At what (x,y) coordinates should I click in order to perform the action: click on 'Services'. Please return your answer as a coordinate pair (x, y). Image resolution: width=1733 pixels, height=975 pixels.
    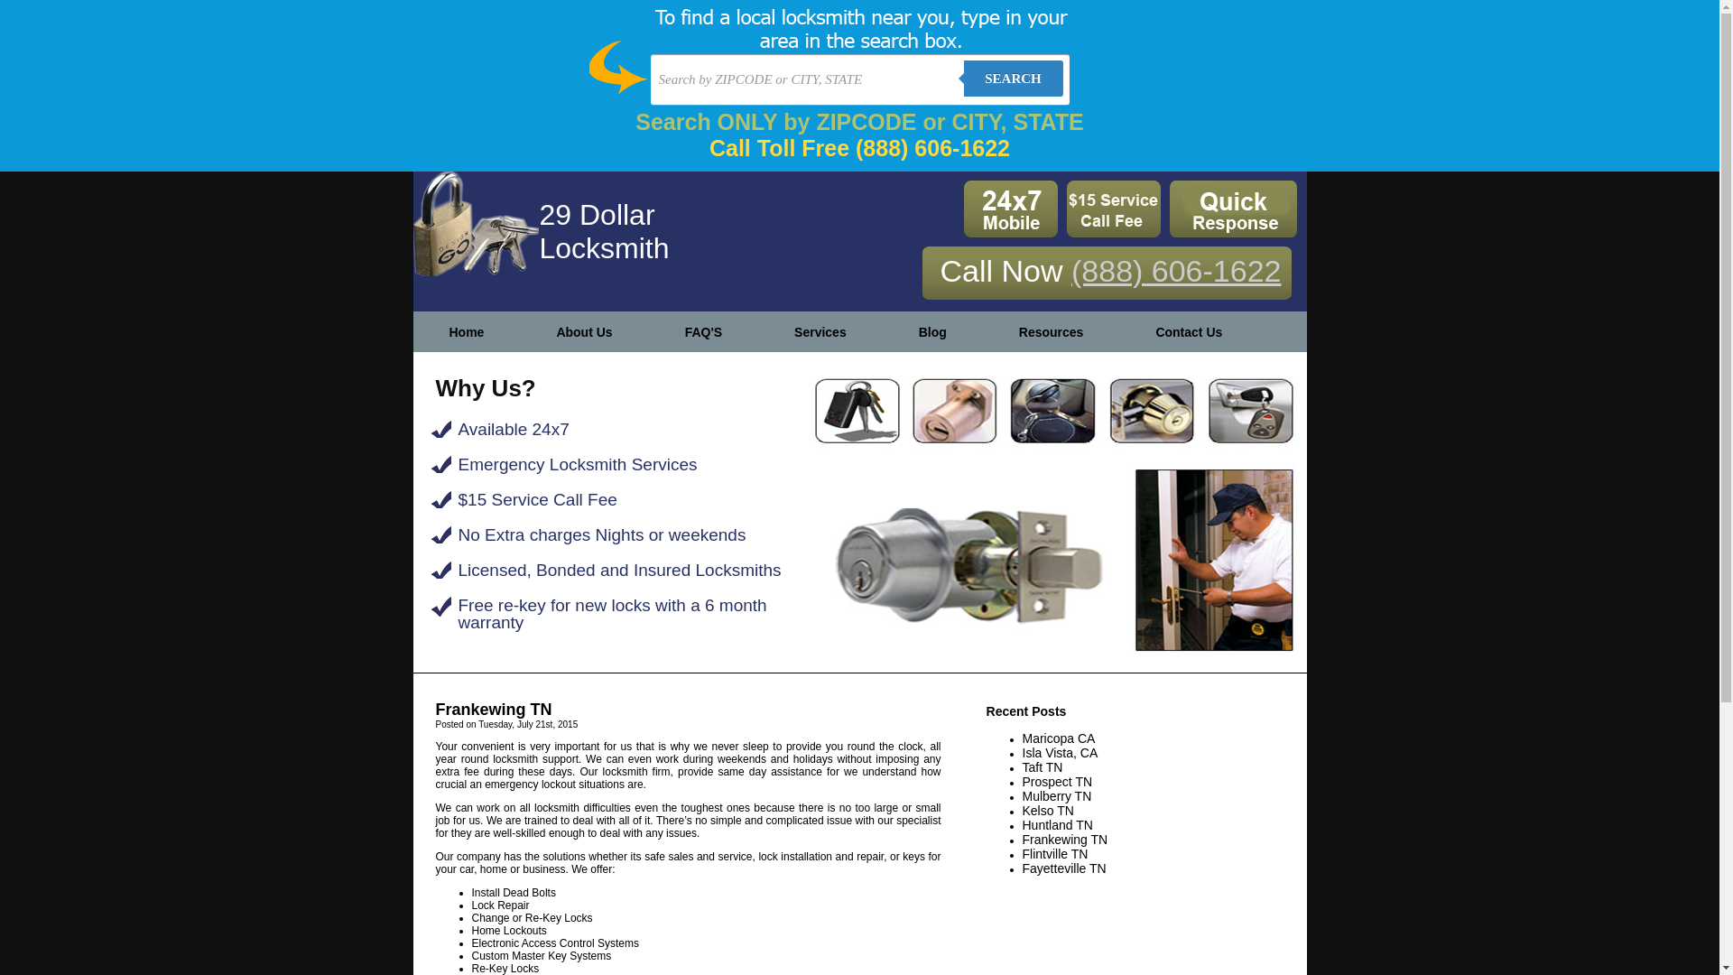
    Looking at the image, I should click on (819, 331).